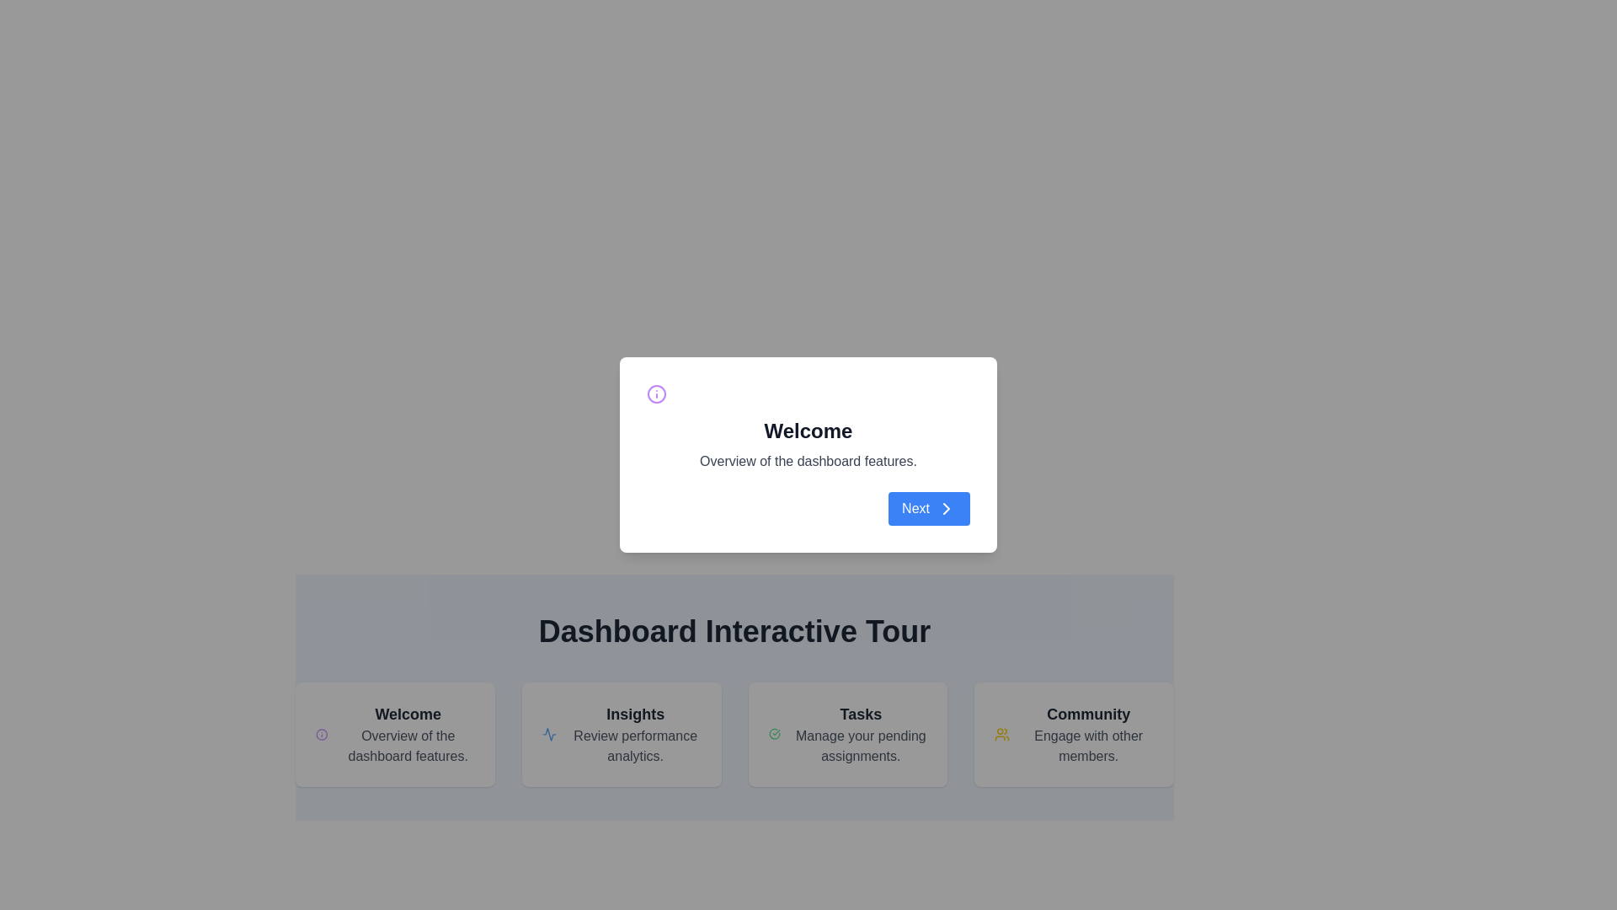  Describe the element at coordinates (946, 508) in the screenshot. I see `the right-pointing arrow icon located within the 'Next' button at the bottom-right corner of the modal window to interact with it` at that location.